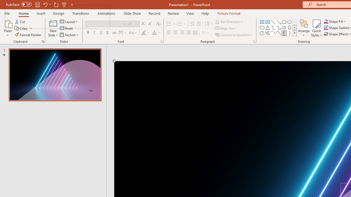 Image resolution: width=351 pixels, height=197 pixels. Describe the element at coordinates (107, 33) in the screenshot. I see `'Shadow'` at that location.